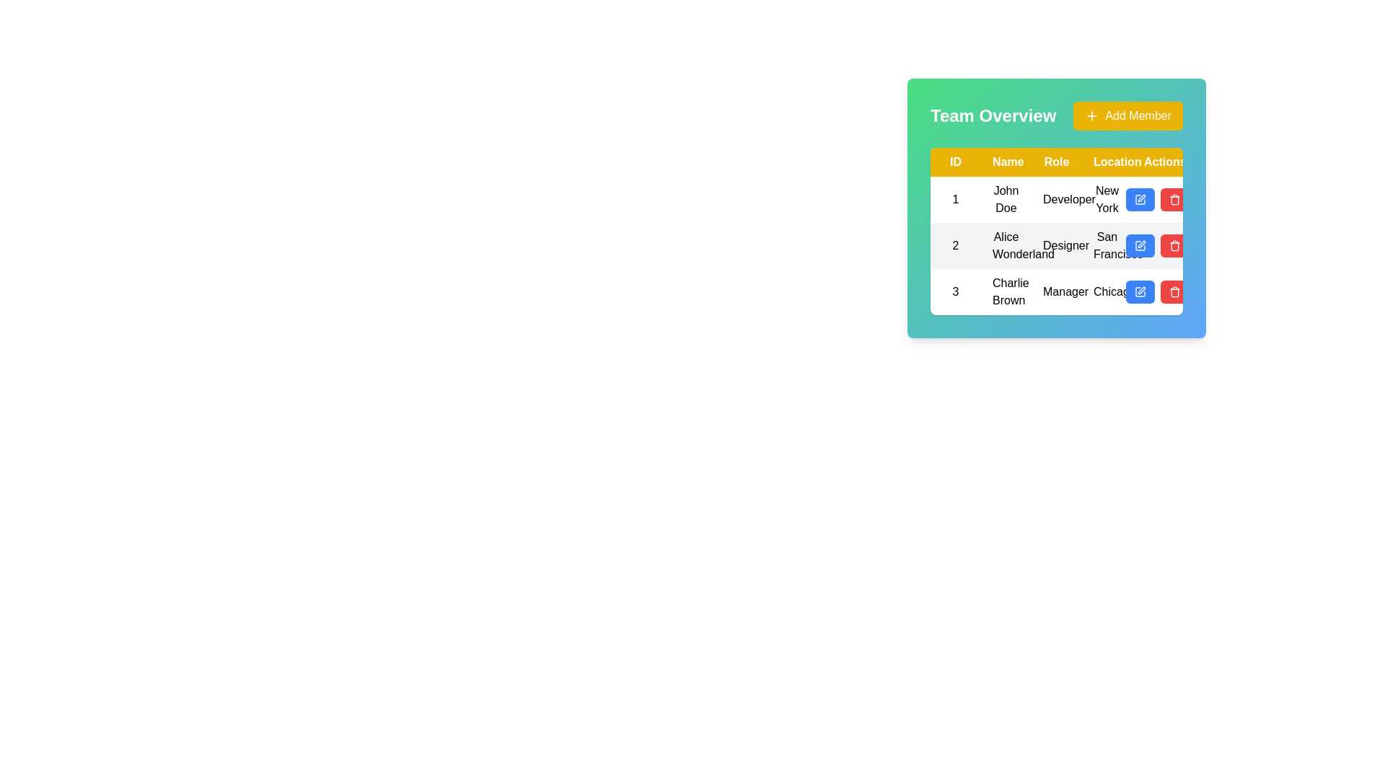 The width and height of the screenshot is (1385, 779). What do you see at coordinates (1139, 292) in the screenshot?
I see `the blue button containing a pen icon in the 'Actions' column of the third row for 'Charlie Brown' in the 'Team Overview' table for keyboard navigation` at bounding box center [1139, 292].